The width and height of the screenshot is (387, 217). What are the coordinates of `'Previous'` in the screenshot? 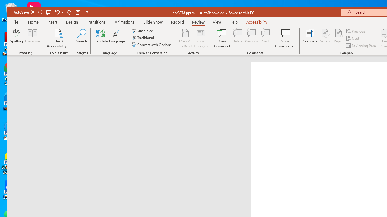 It's located at (356, 31).